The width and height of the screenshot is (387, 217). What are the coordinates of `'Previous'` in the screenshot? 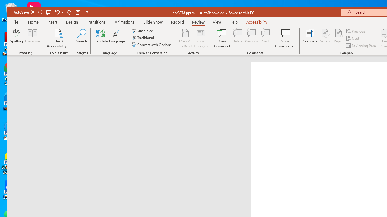 It's located at (356, 31).